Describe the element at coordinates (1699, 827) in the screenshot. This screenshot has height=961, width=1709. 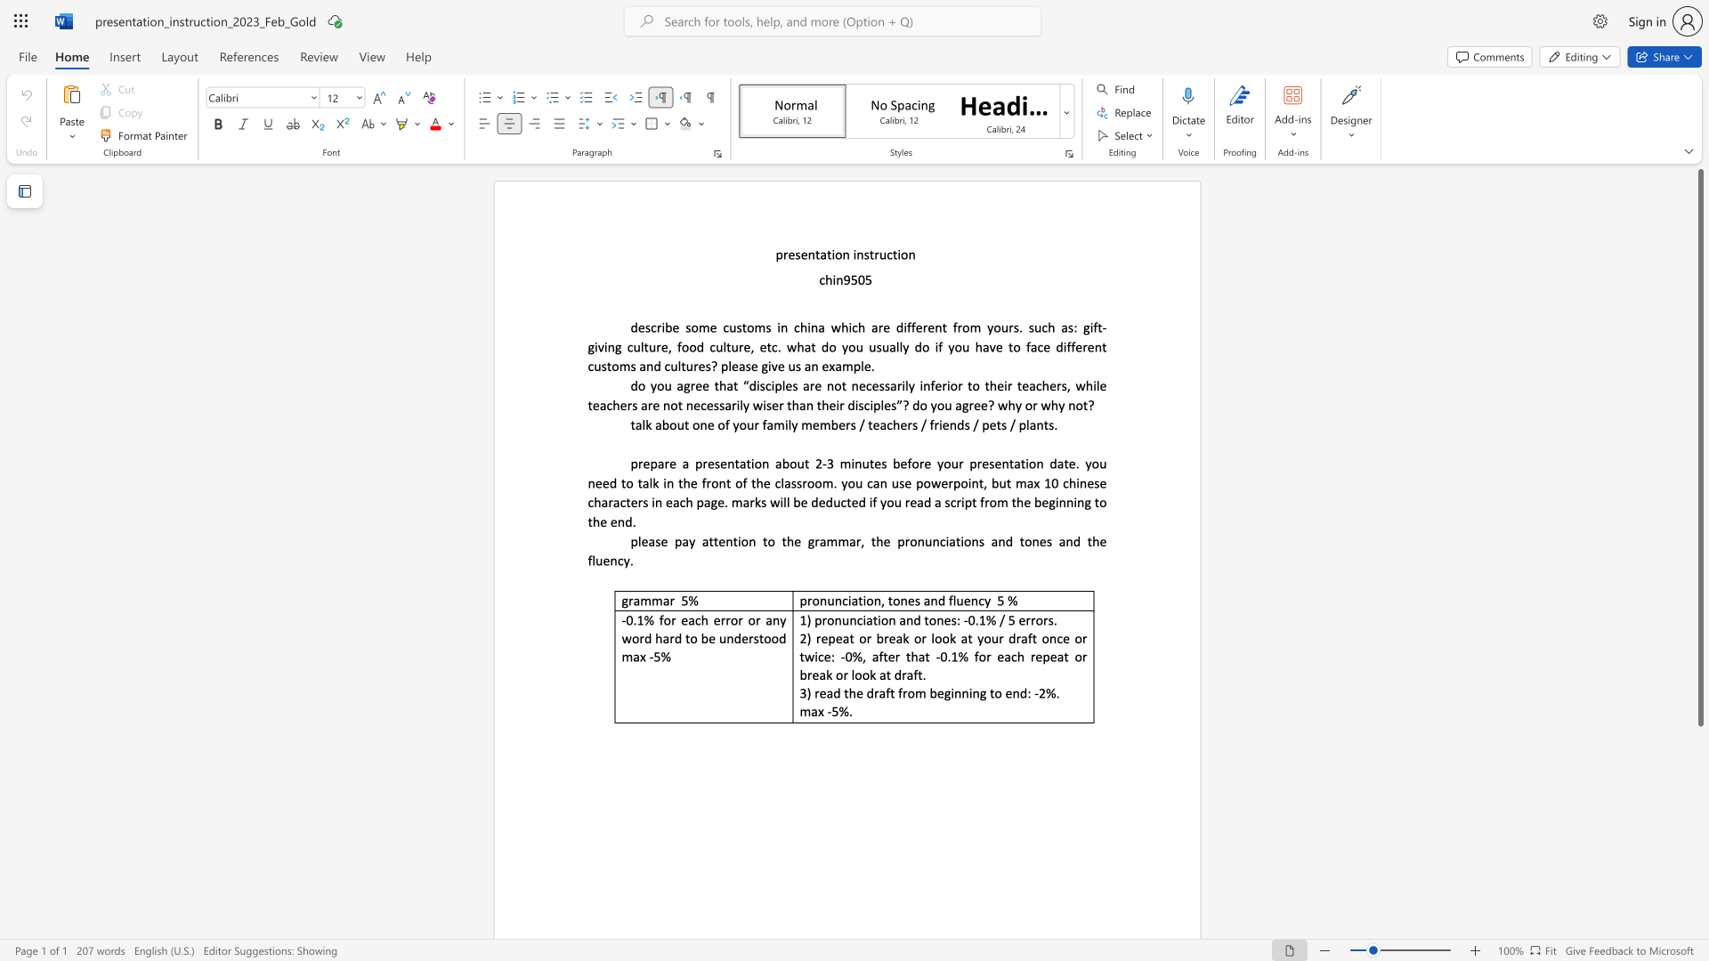
I see `the scrollbar on the side` at that location.